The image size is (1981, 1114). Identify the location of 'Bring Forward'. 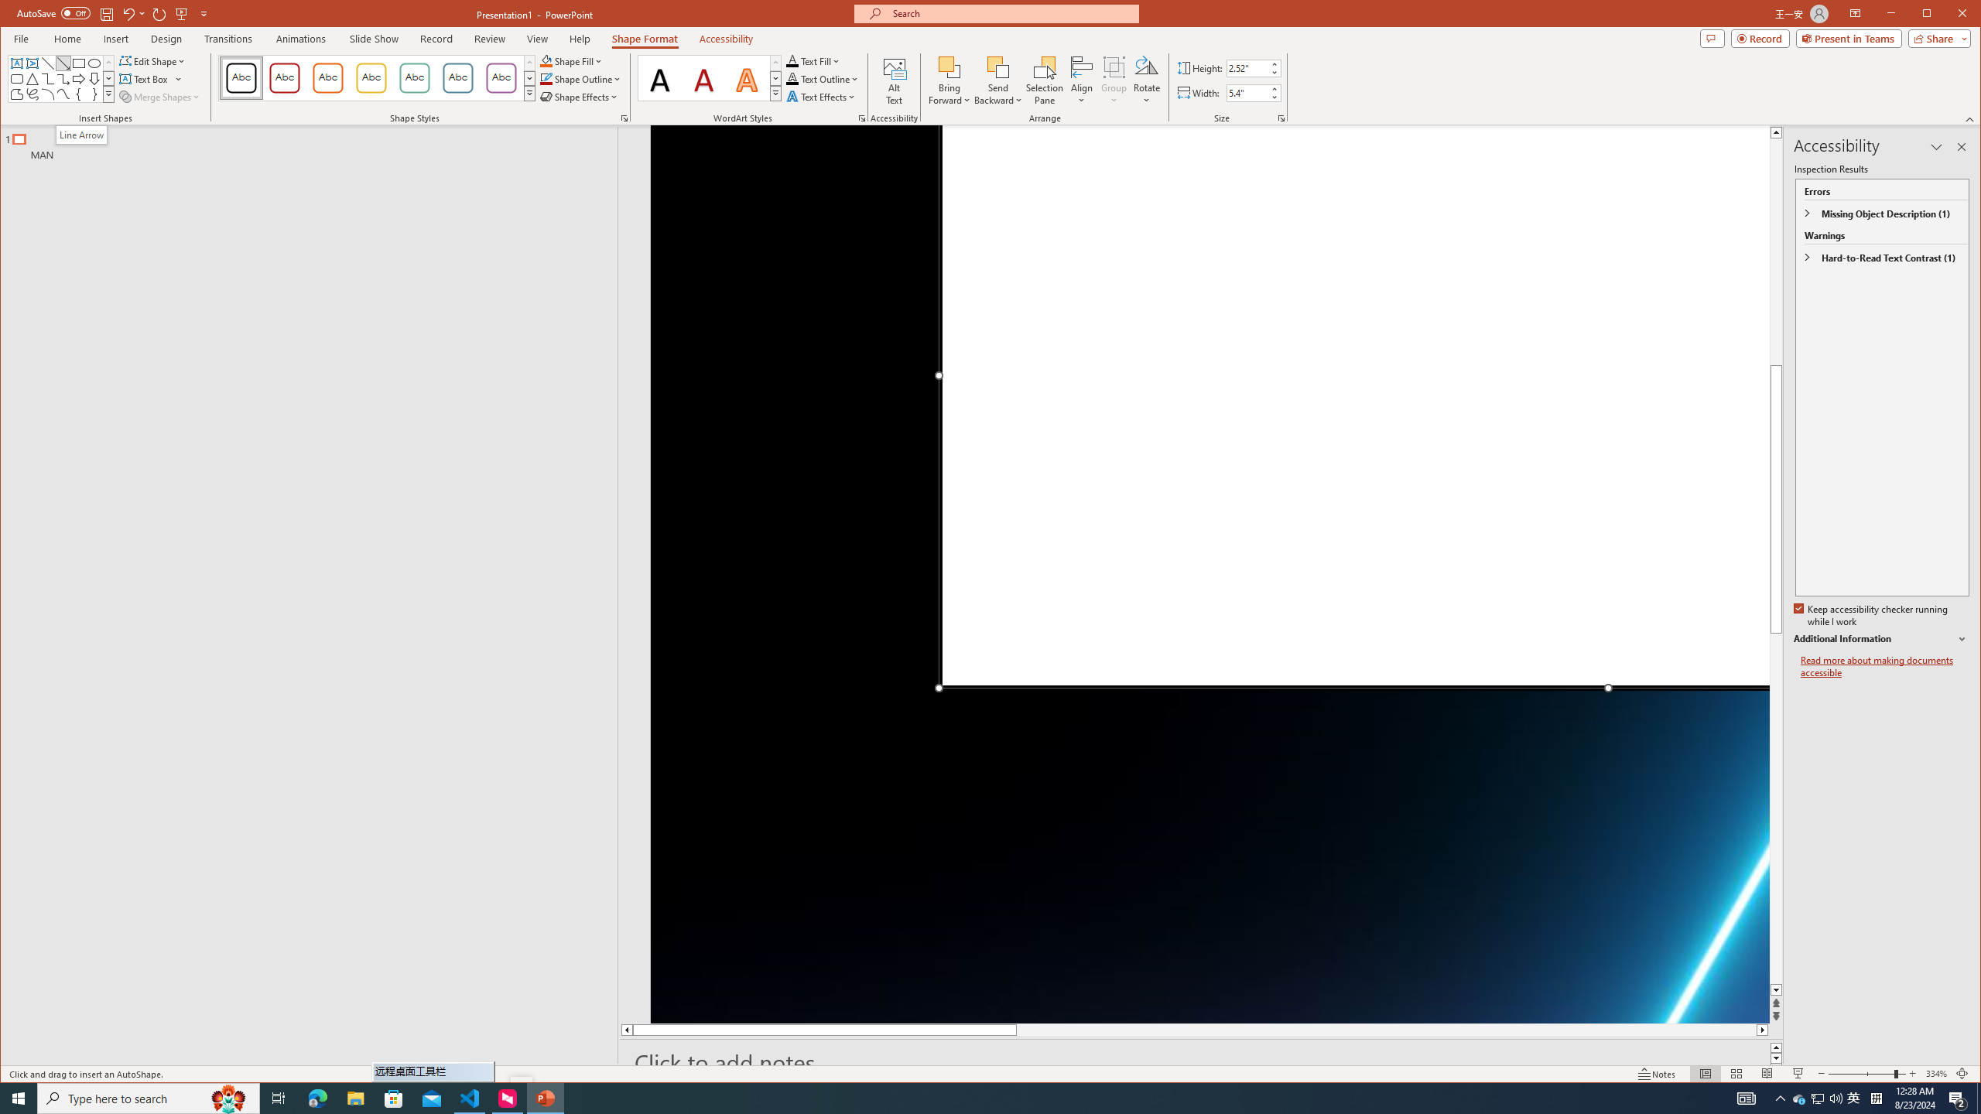
(949, 80).